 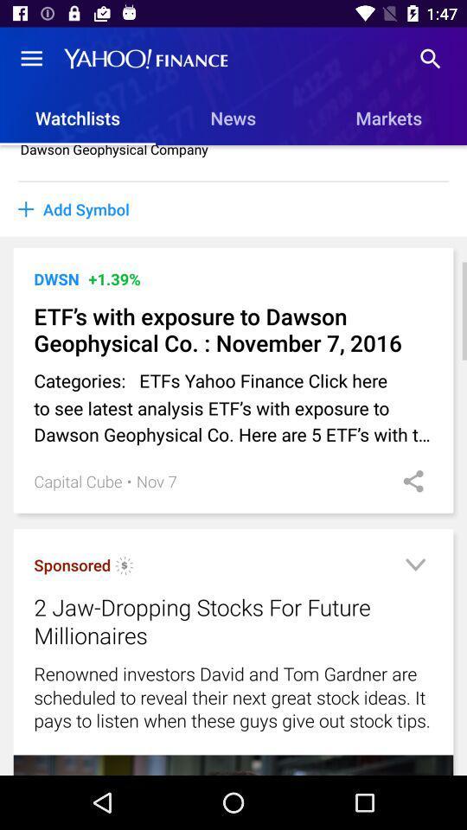 I want to click on the icon above markets, so click(x=429, y=59).